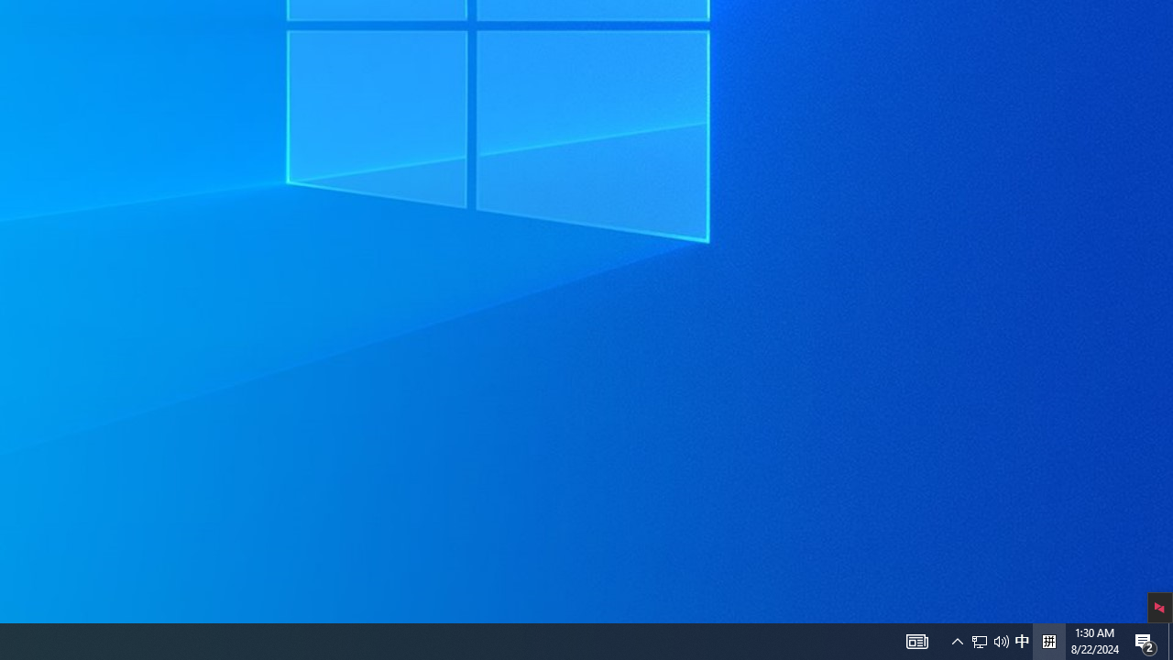  What do you see at coordinates (916, 640) in the screenshot?
I see `'AutomationID: 4105'` at bounding box center [916, 640].